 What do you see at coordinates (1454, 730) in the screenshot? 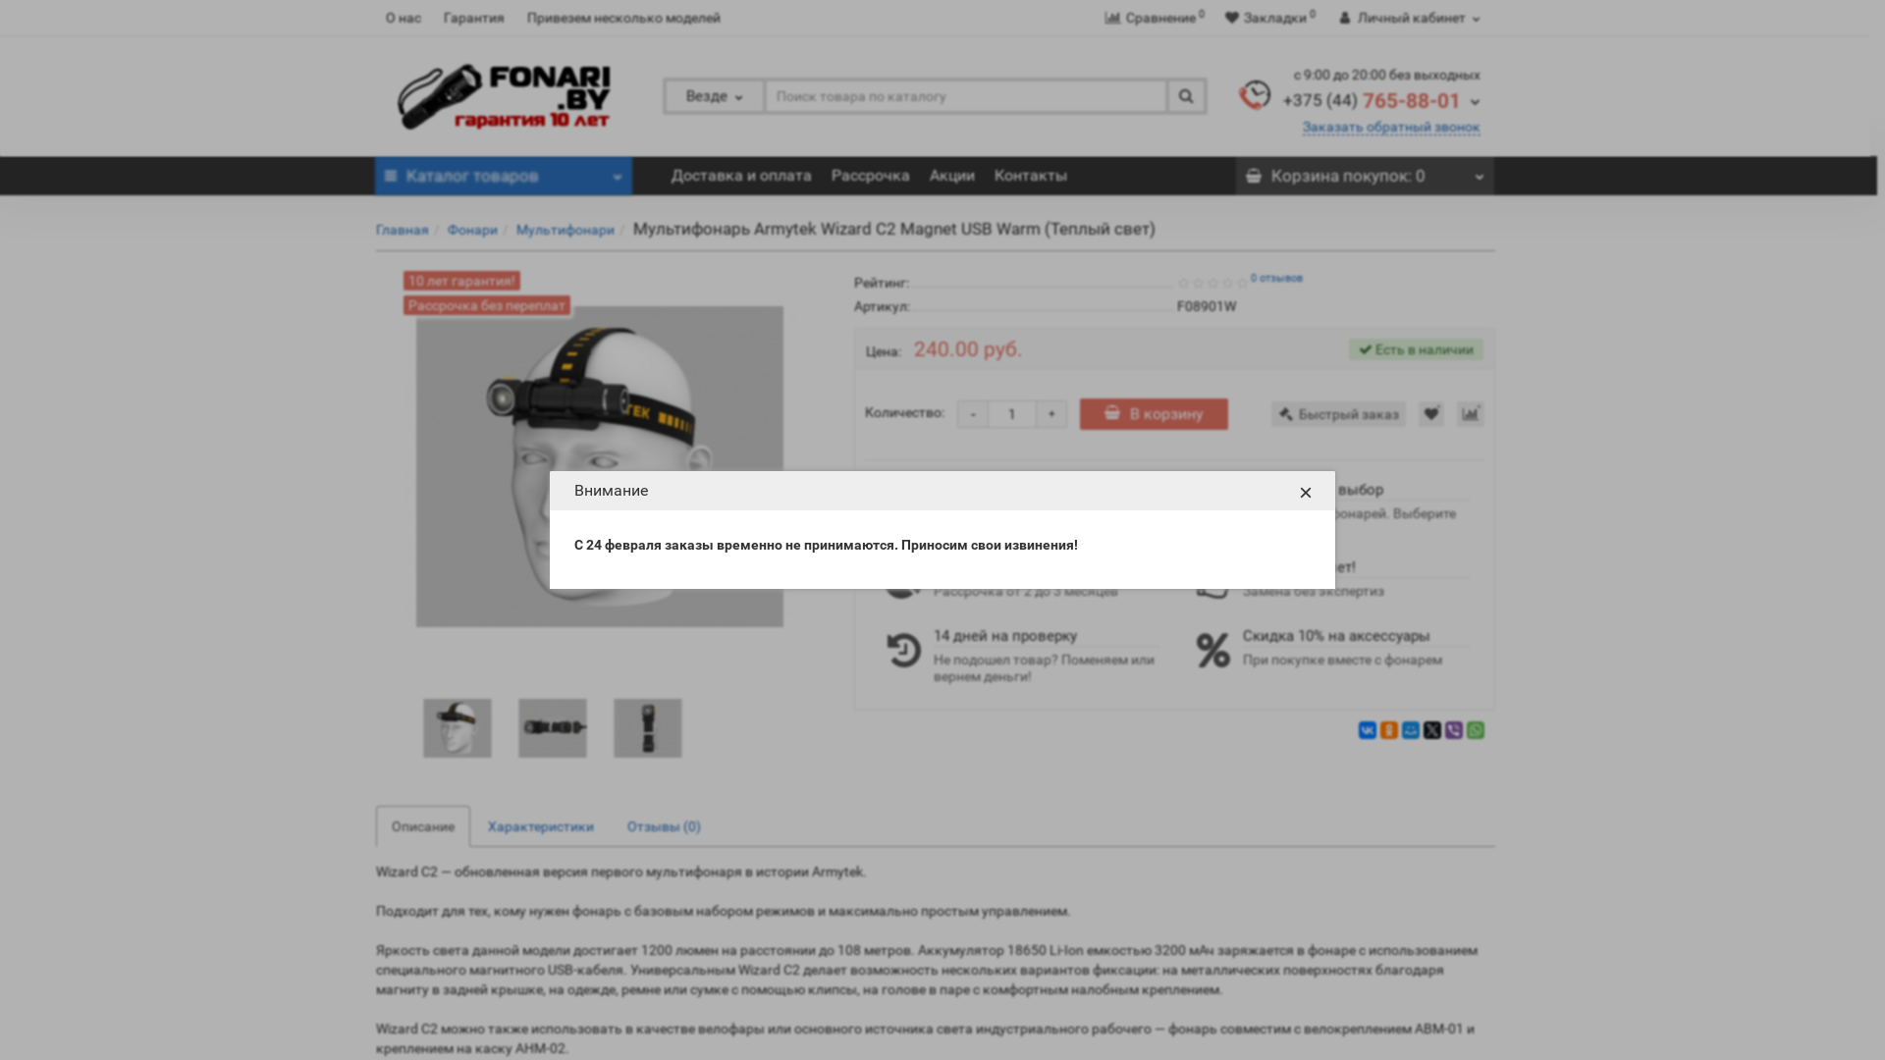
I see `'Viber'` at bounding box center [1454, 730].